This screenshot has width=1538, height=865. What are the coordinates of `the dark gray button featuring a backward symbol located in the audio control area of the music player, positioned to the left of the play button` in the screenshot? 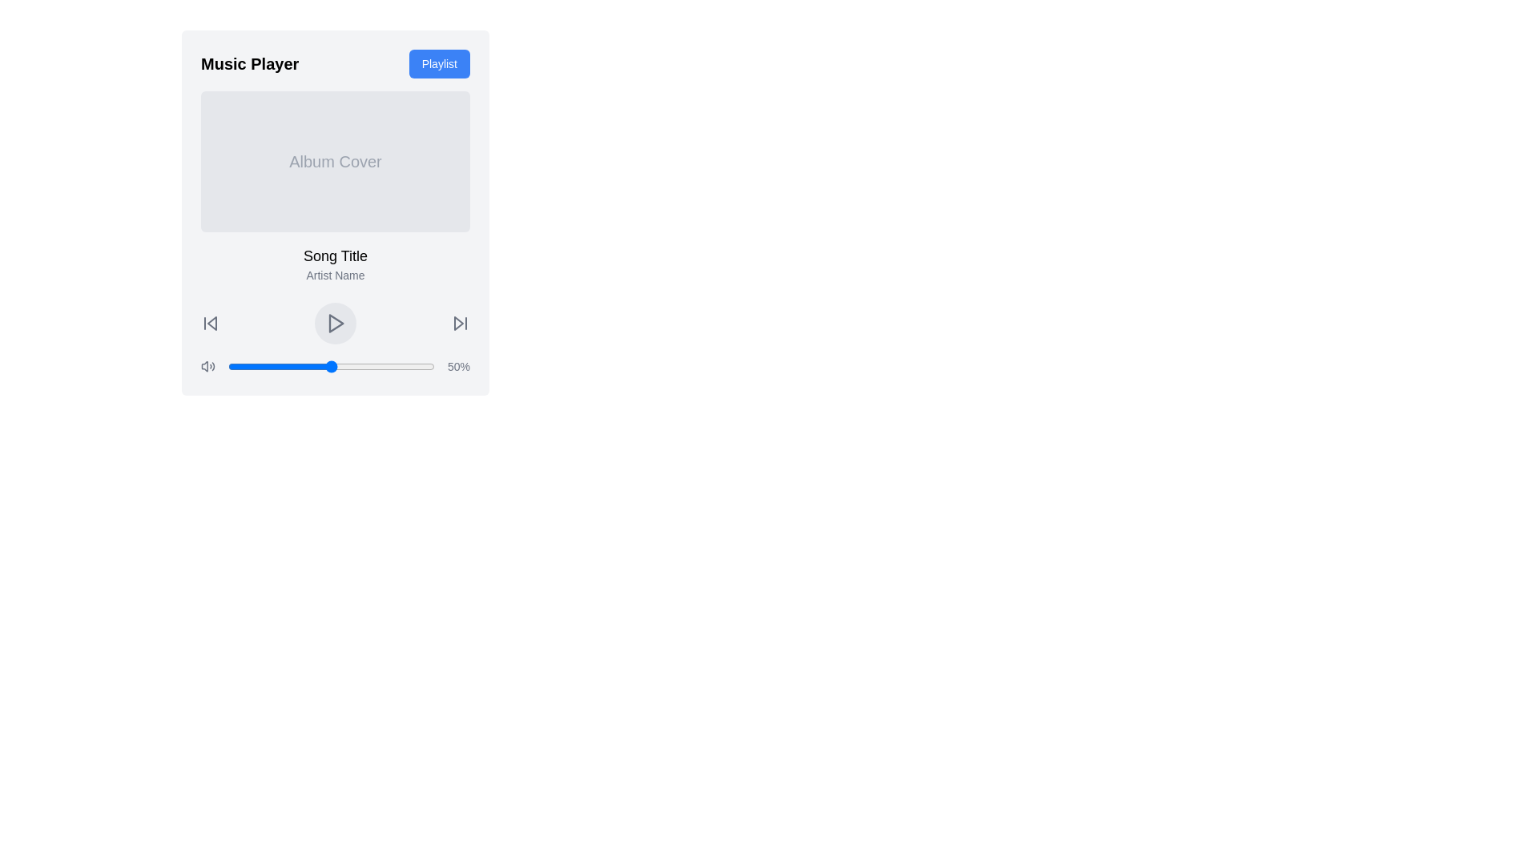 It's located at (210, 324).